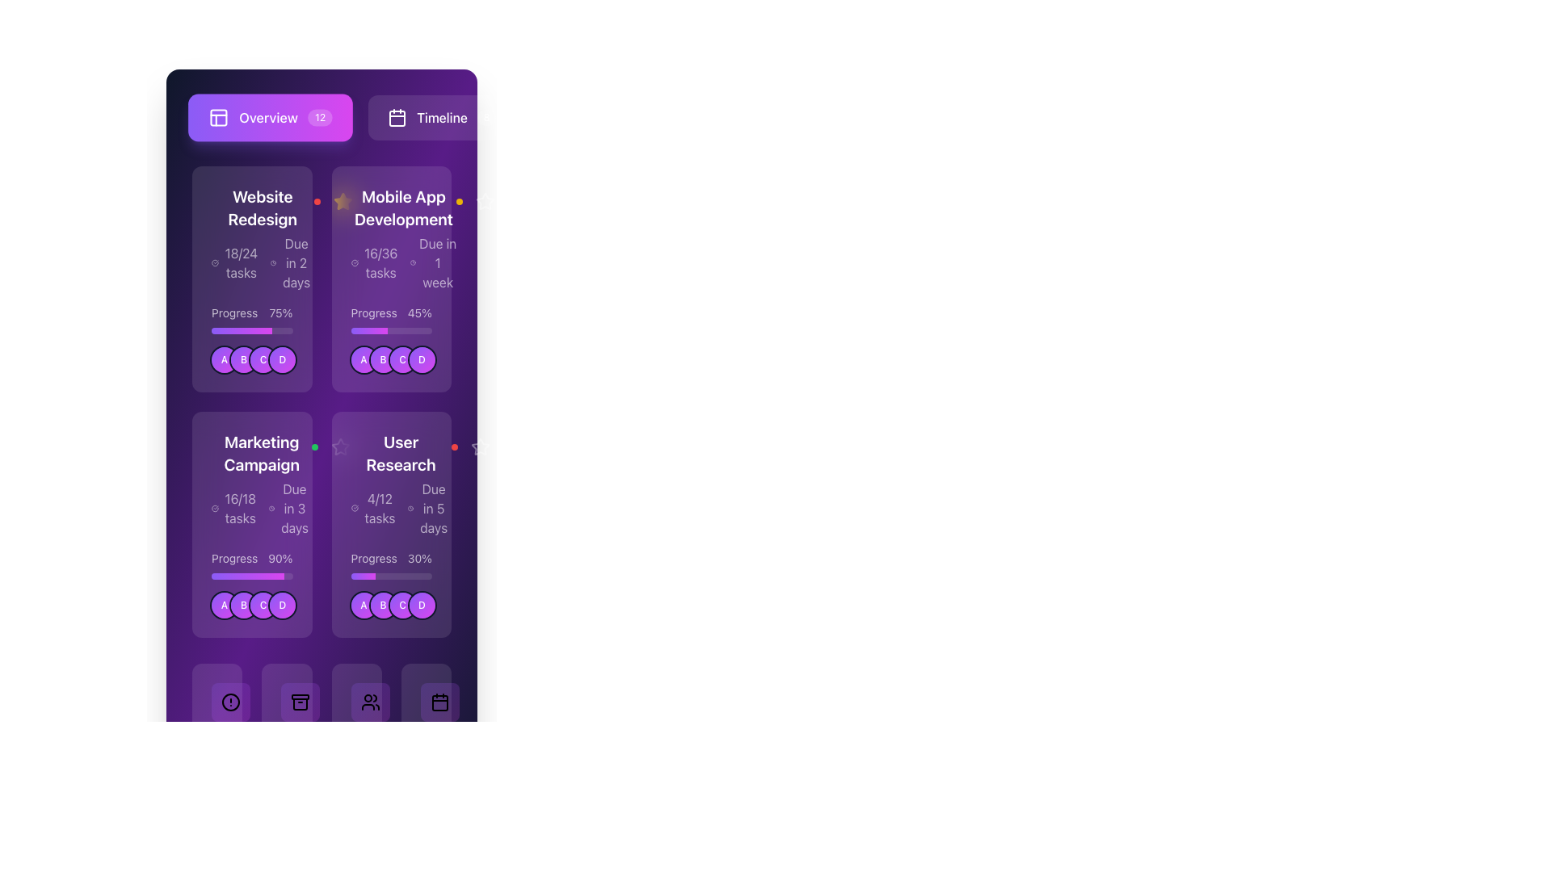 The image size is (1551, 872). What do you see at coordinates (233, 313) in the screenshot?
I see `the static text label 'Progress' which is styled in white over a purple background and is positioned to the left of the '75%' text element in the progress indicator component` at bounding box center [233, 313].